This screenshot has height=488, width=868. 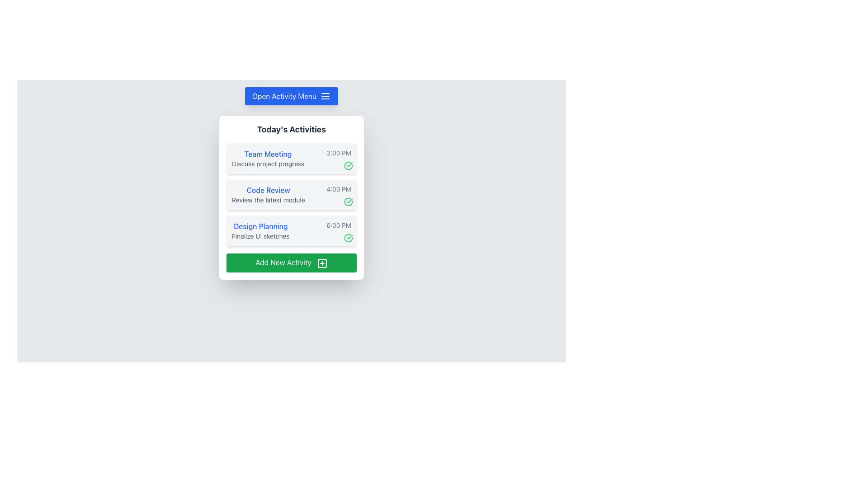 I want to click on the square-shaped icon with a plus sign (+) in the center, located within the green 'Add New Activity' button at the bottom of the white card, so click(x=322, y=263).